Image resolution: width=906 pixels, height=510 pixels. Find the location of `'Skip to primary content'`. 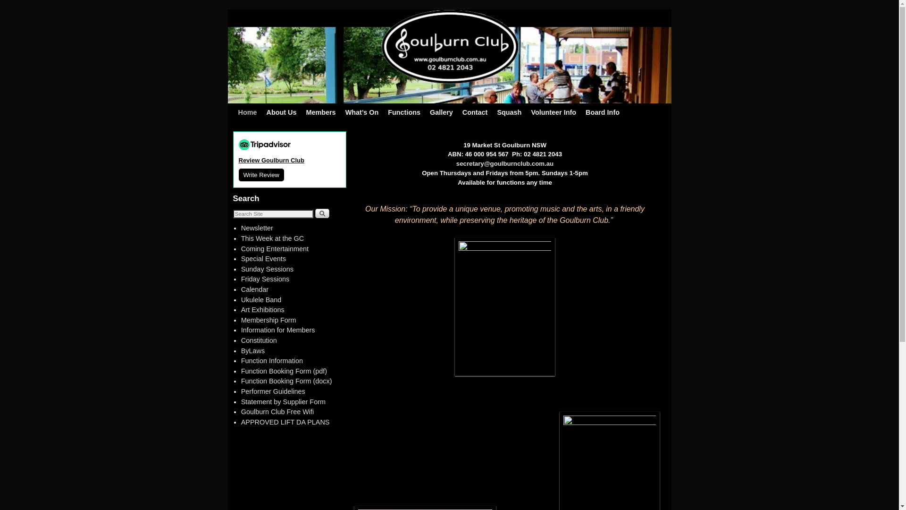

'Skip to primary content' is located at coordinates (227, 107).